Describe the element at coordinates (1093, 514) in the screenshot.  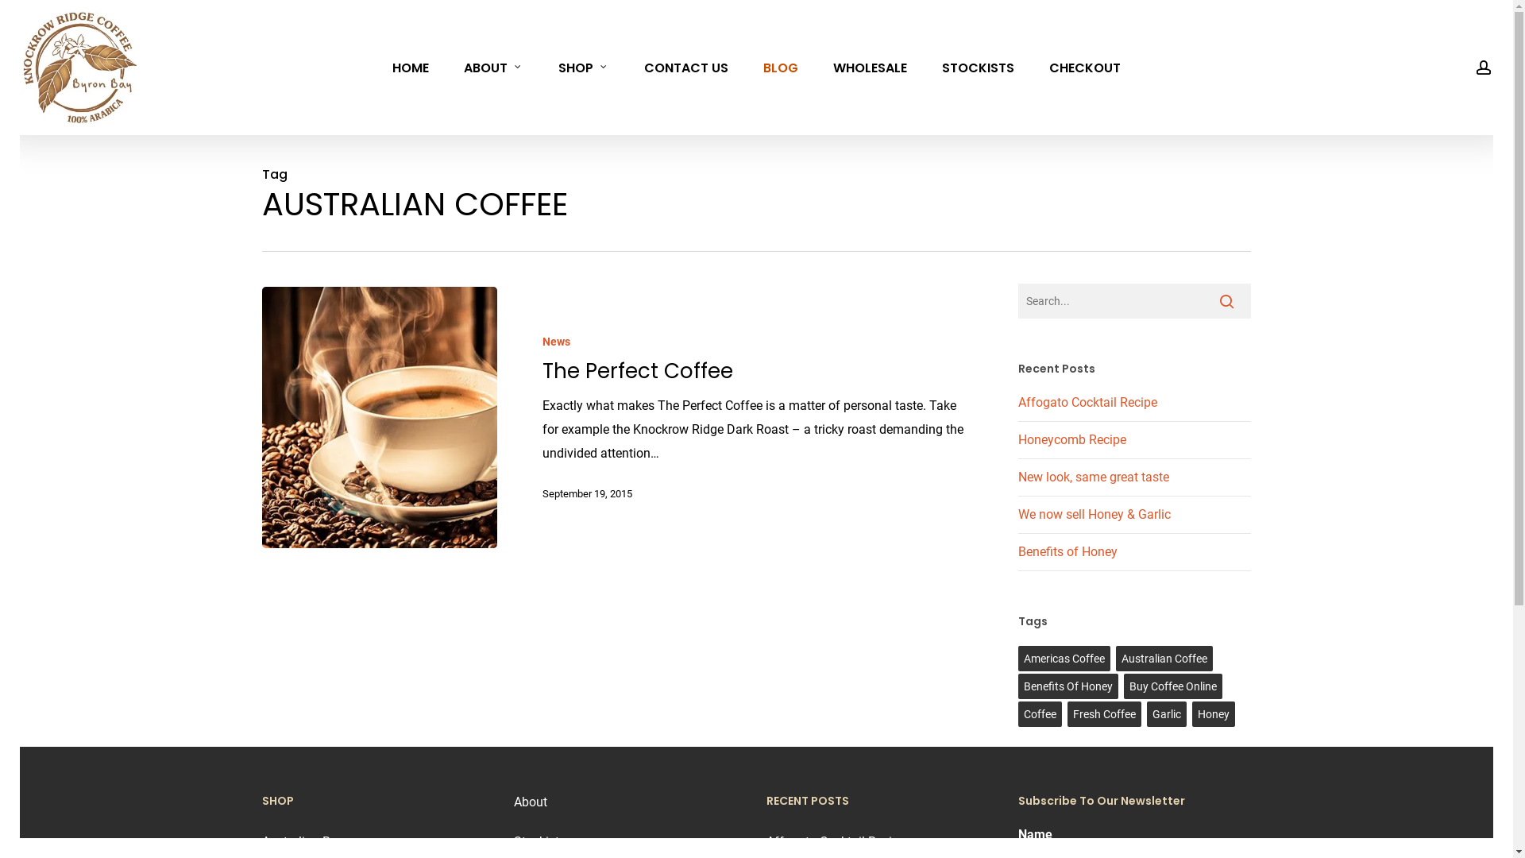
I see `'We now sell Honey & Garlic'` at that location.